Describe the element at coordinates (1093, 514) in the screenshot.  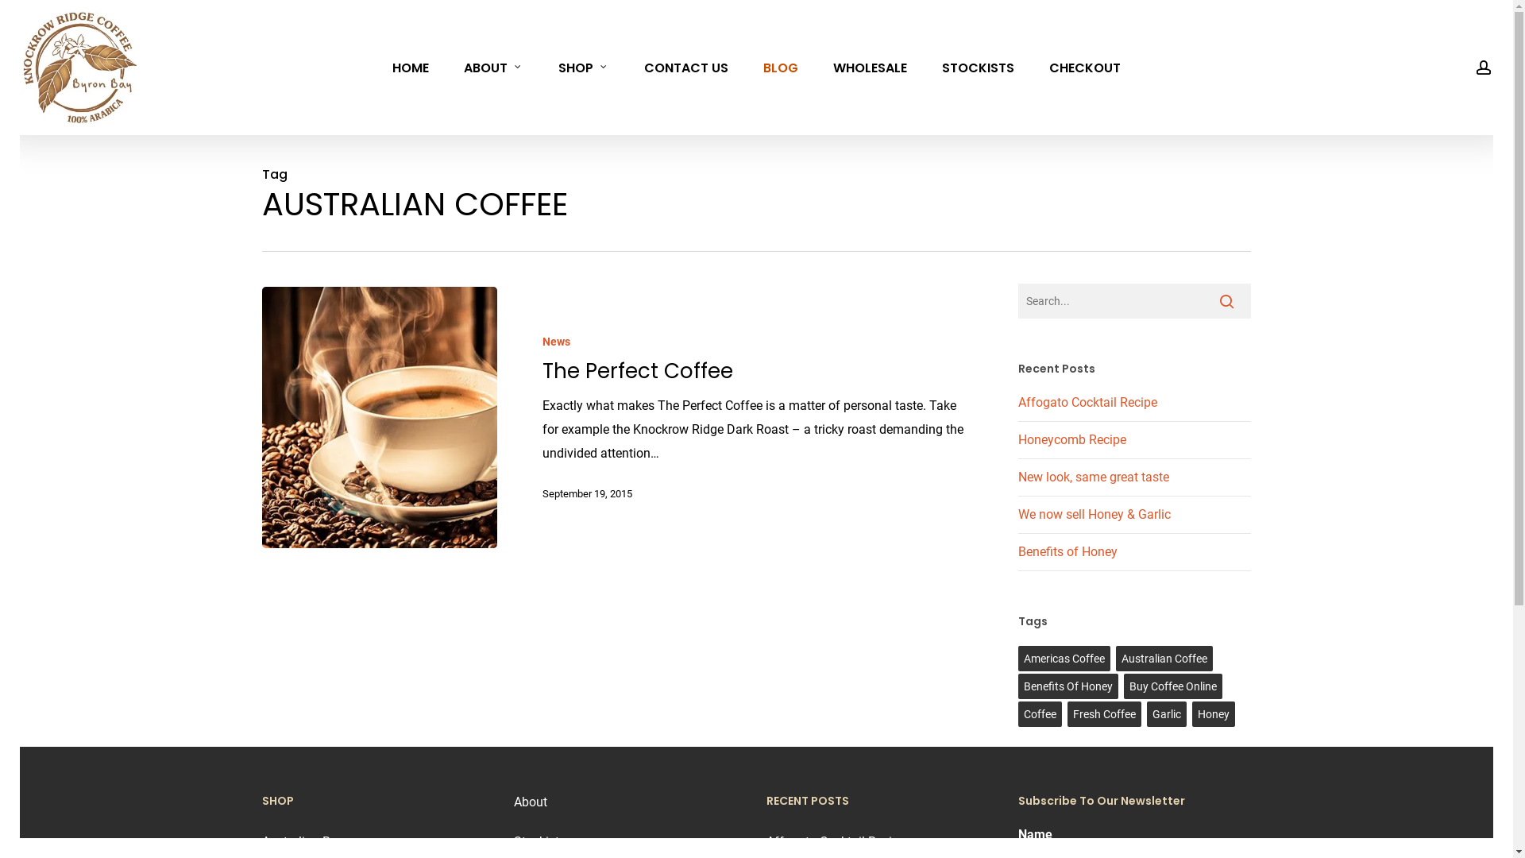
I see `'We now sell Honey & Garlic'` at that location.